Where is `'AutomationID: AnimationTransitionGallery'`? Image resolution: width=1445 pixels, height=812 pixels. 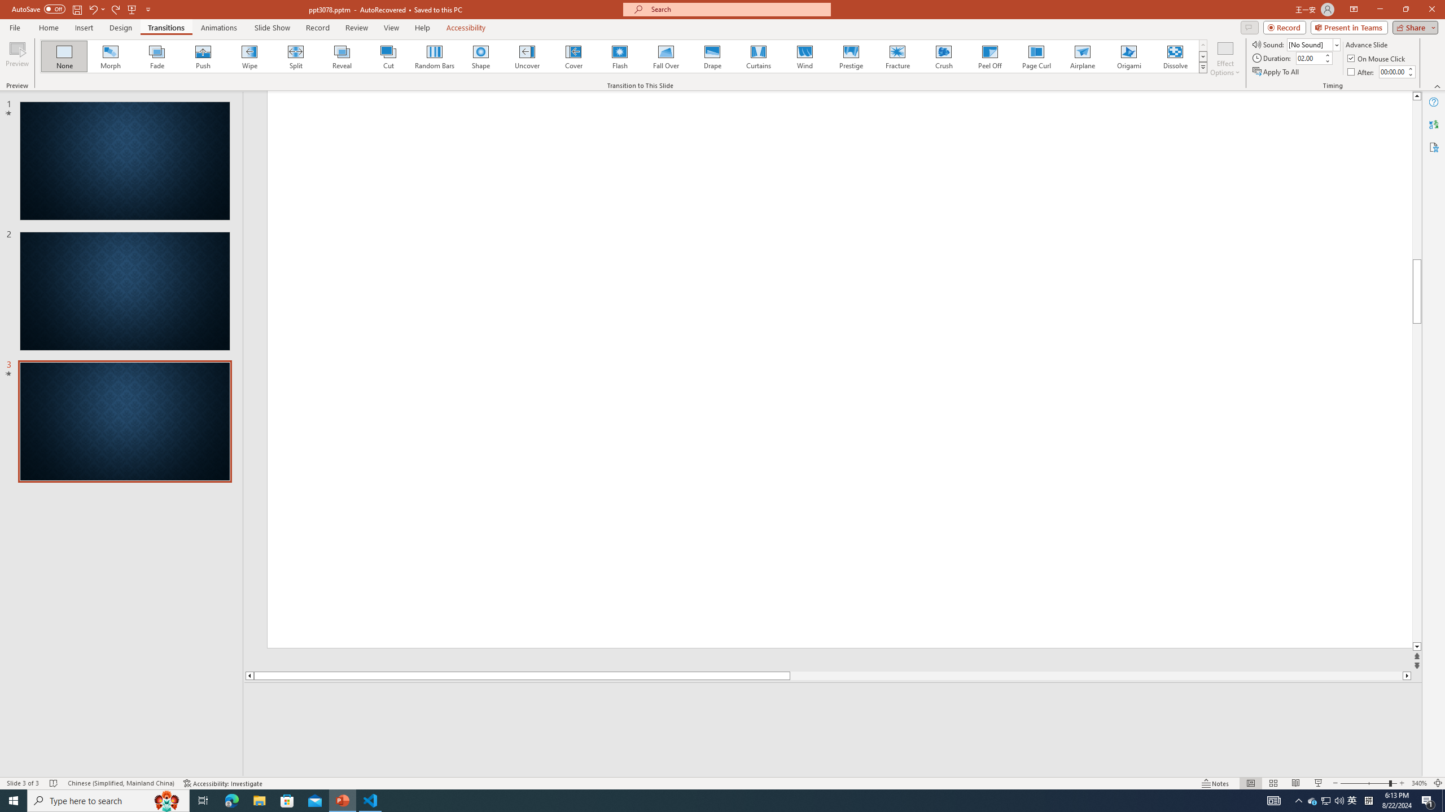 'AutomationID: AnimationTransitionGallery' is located at coordinates (623, 56).